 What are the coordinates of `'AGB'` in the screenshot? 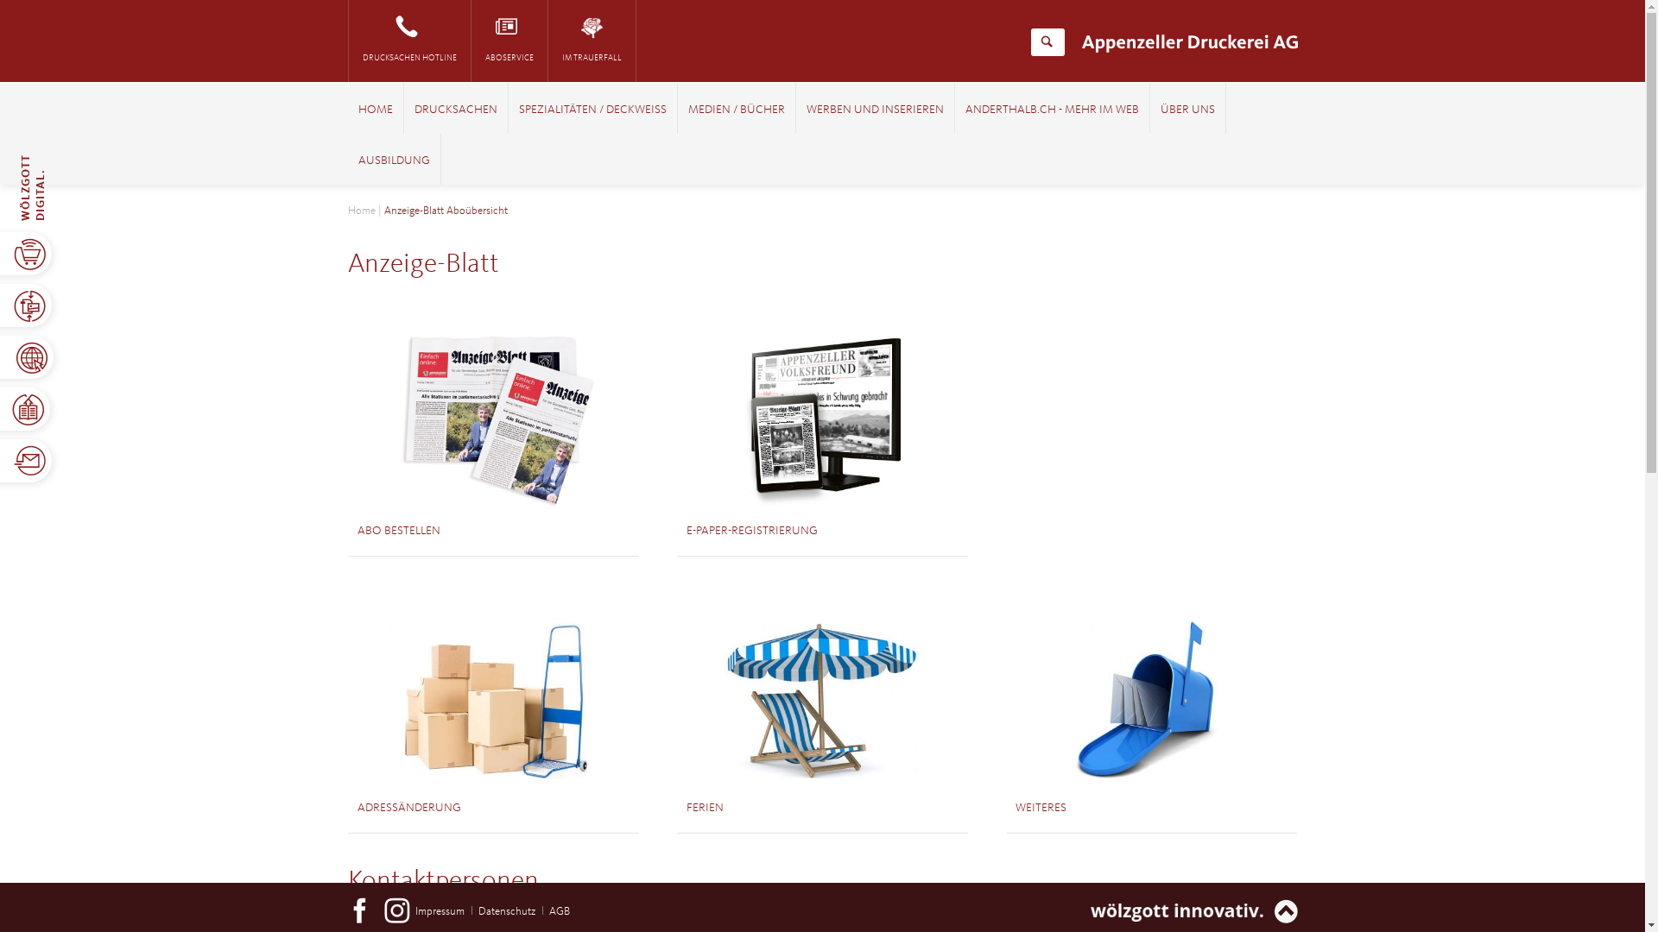 It's located at (560, 910).